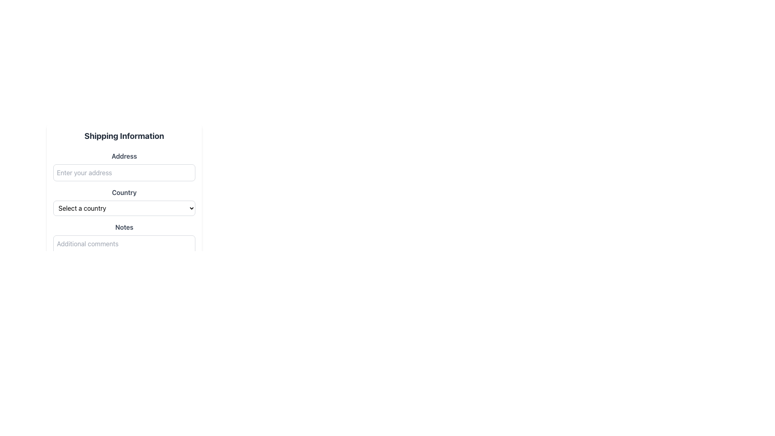 The height and width of the screenshot is (436, 775). Describe the element at coordinates (124, 193) in the screenshot. I see `the label indicating to select a country from the dropdown menu, which is positioned above the dropdown in the shipping information form` at that location.